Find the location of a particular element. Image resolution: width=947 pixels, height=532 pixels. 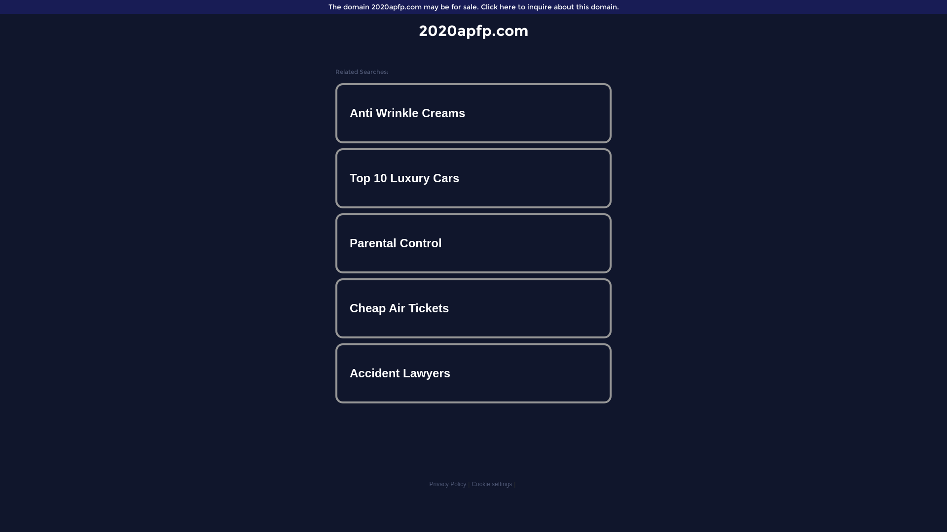

'Cookie settings' is located at coordinates (492, 484).